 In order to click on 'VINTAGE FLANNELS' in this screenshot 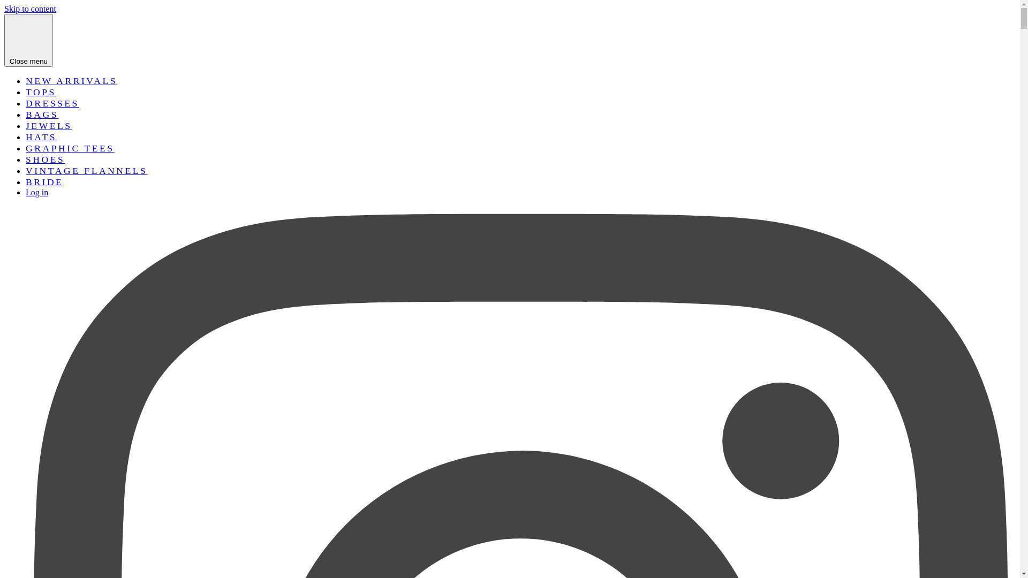, I will do `click(86, 170)`.